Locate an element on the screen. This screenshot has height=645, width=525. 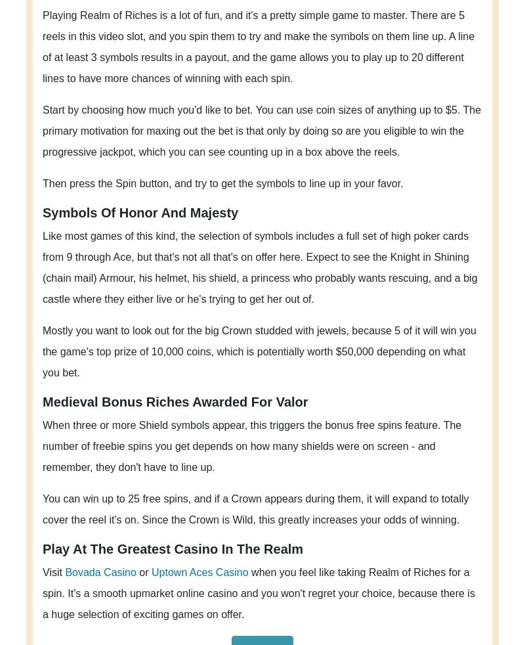
'Bitcoins' is located at coordinates (186, 474).